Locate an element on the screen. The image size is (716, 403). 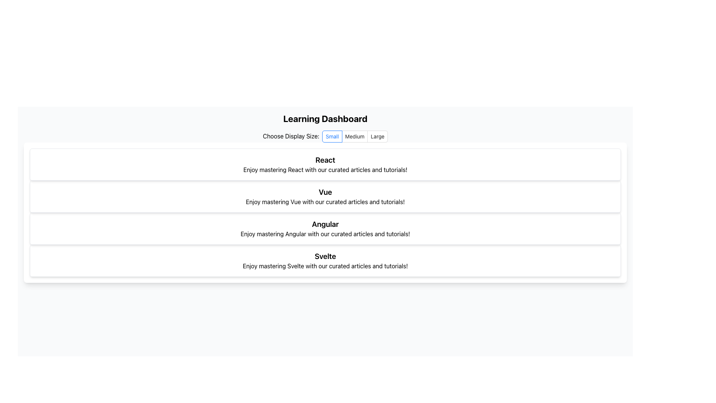
the styled informational block containing the heading 'Angular' and the text 'Enjoy mastering Angular with our curated articles and tutorials!'. This block is the third item in a vertically arranged grid is located at coordinates (325, 228).